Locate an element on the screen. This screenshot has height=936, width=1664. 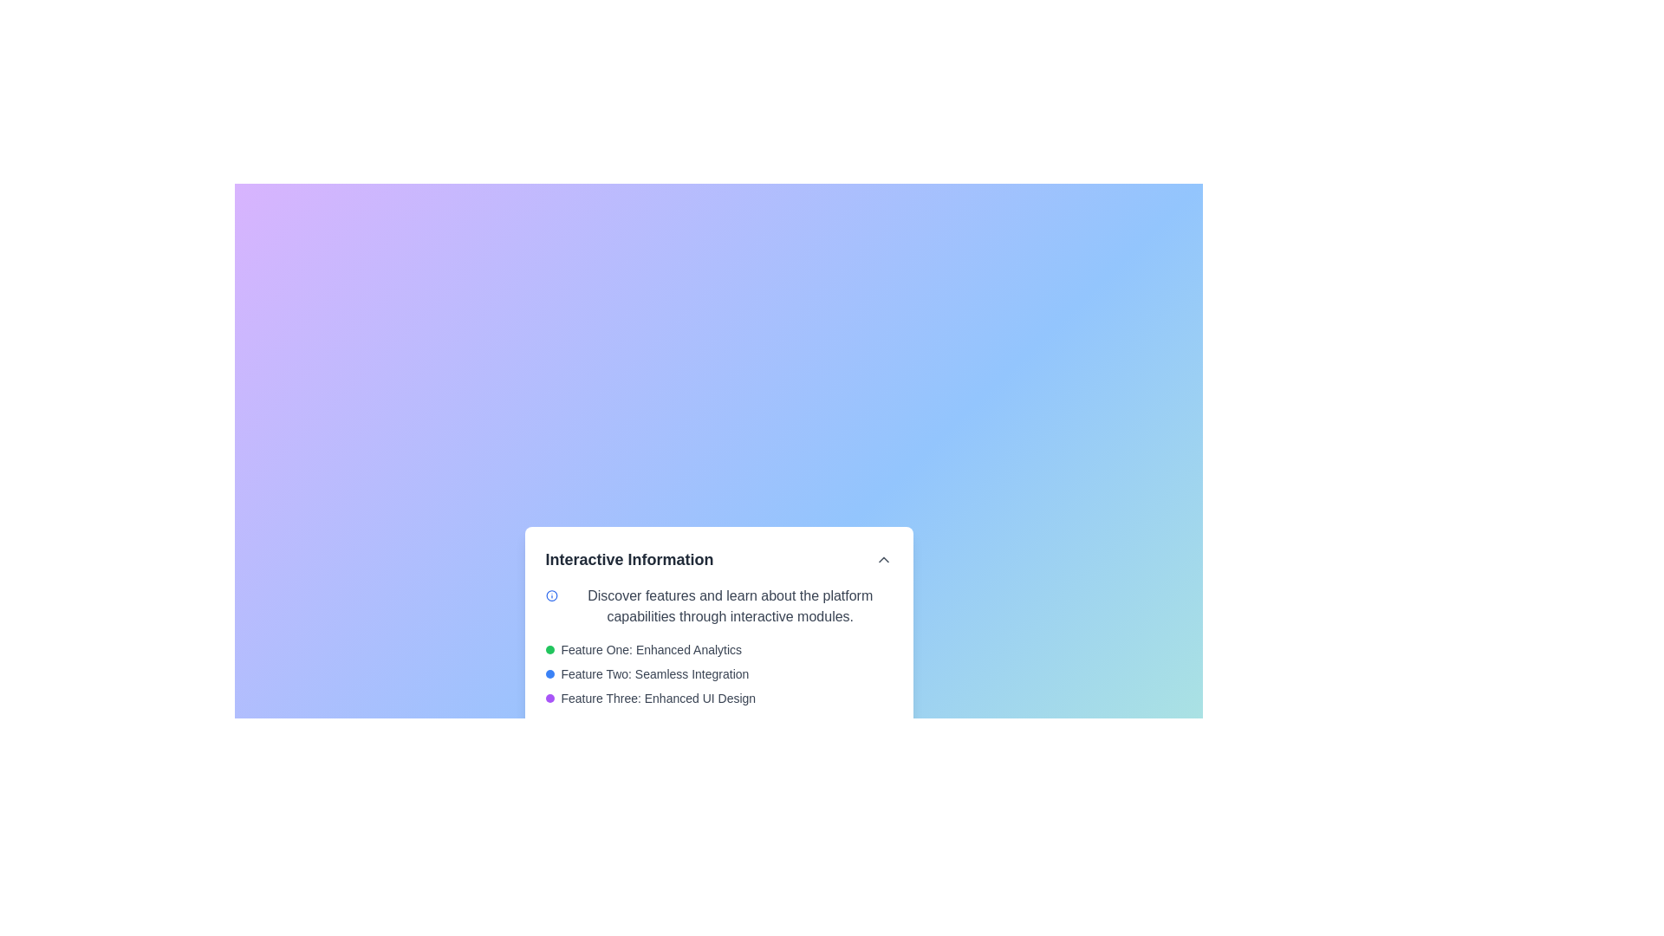
description of the static text label that presents information about Enhanced Analytics, which is the second component in the interactive information panel is located at coordinates (650, 649).